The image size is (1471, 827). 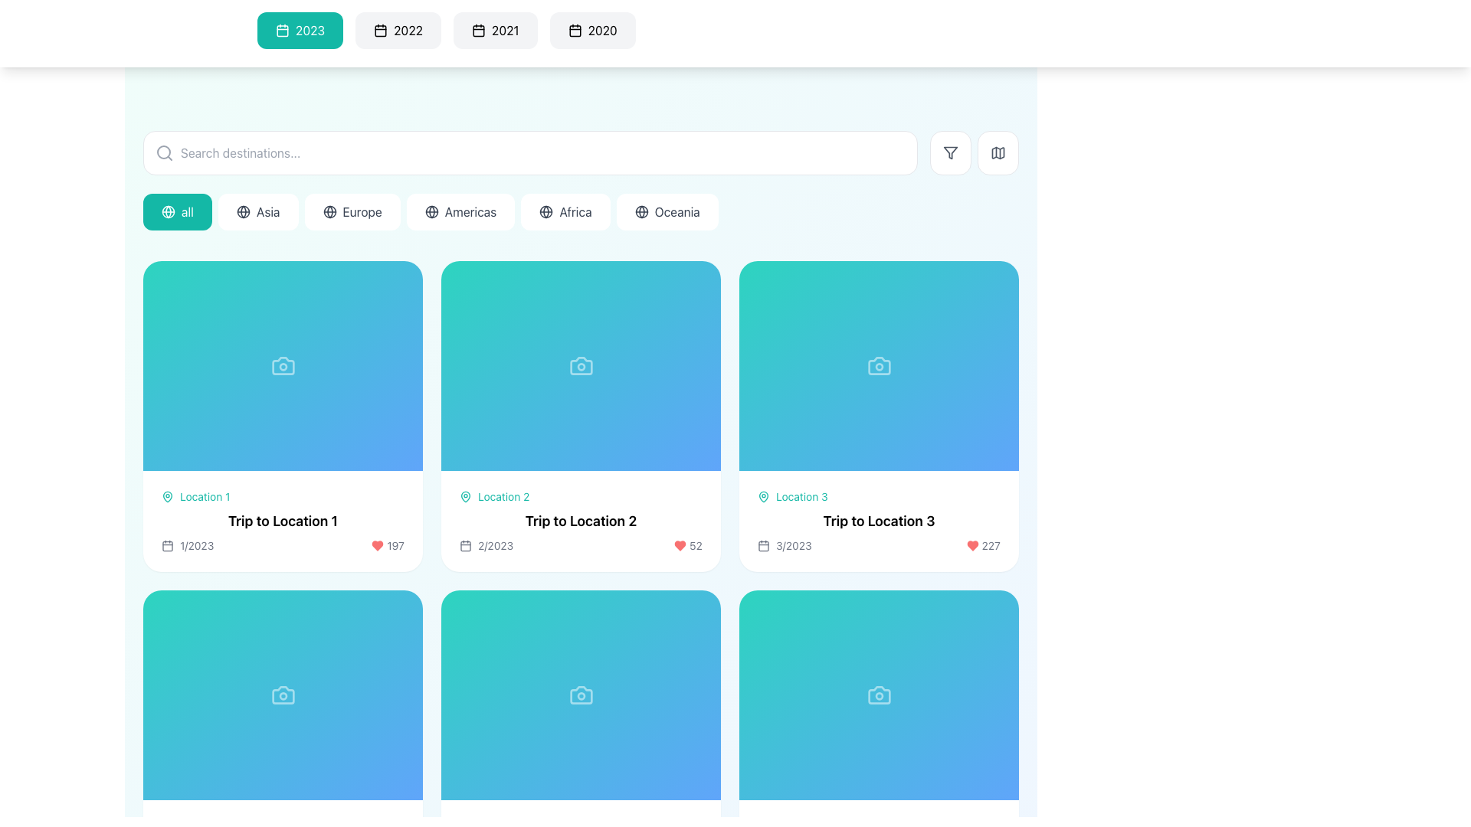 I want to click on the year selector button for 2021, which is the third button from the left in a row of similar buttons at the top interface, located between the '2022' and '2020' buttons, so click(x=495, y=30).